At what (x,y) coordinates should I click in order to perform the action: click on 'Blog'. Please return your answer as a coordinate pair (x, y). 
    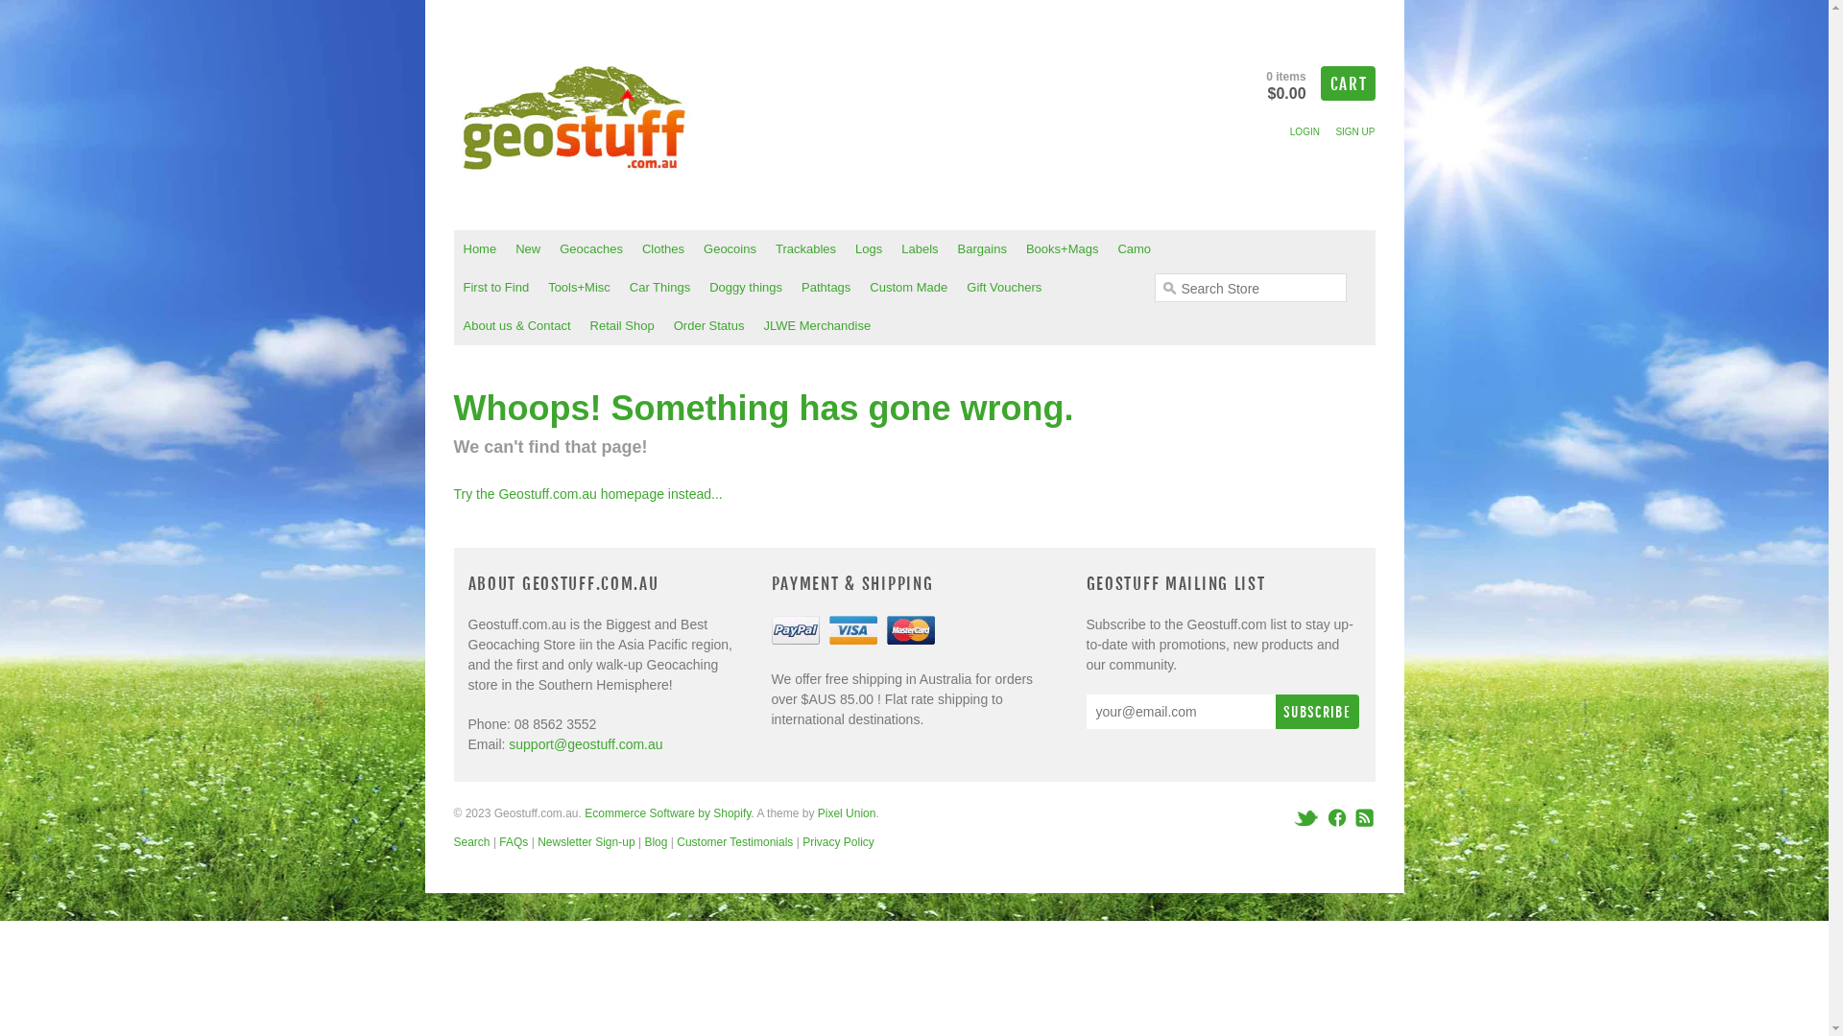
    Looking at the image, I should click on (655, 841).